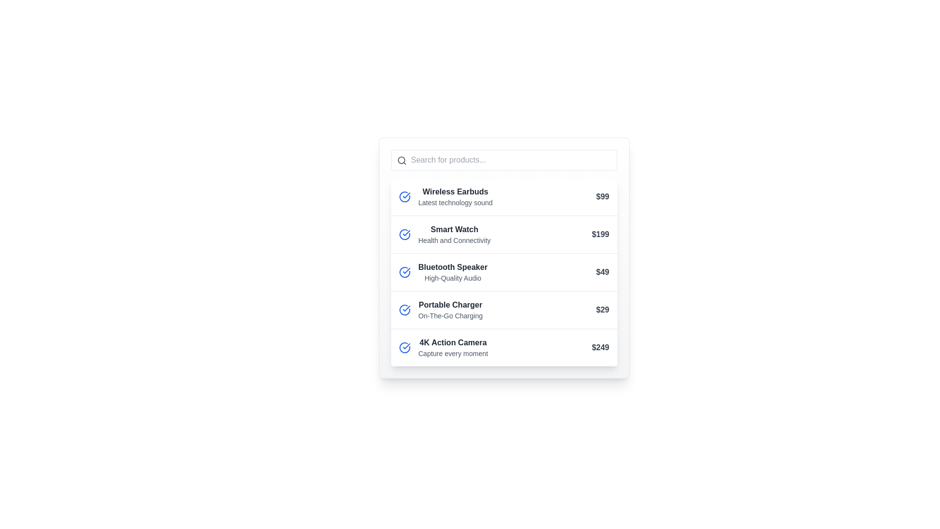 The width and height of the screenshot is (940, 529). Describe the element at coordinates (452, 342) in the screenshot. I see `bold text label displaying '4K Action Camera' located in the fifth row of the product list, near the center and slightly to the right of the interface` at that location.